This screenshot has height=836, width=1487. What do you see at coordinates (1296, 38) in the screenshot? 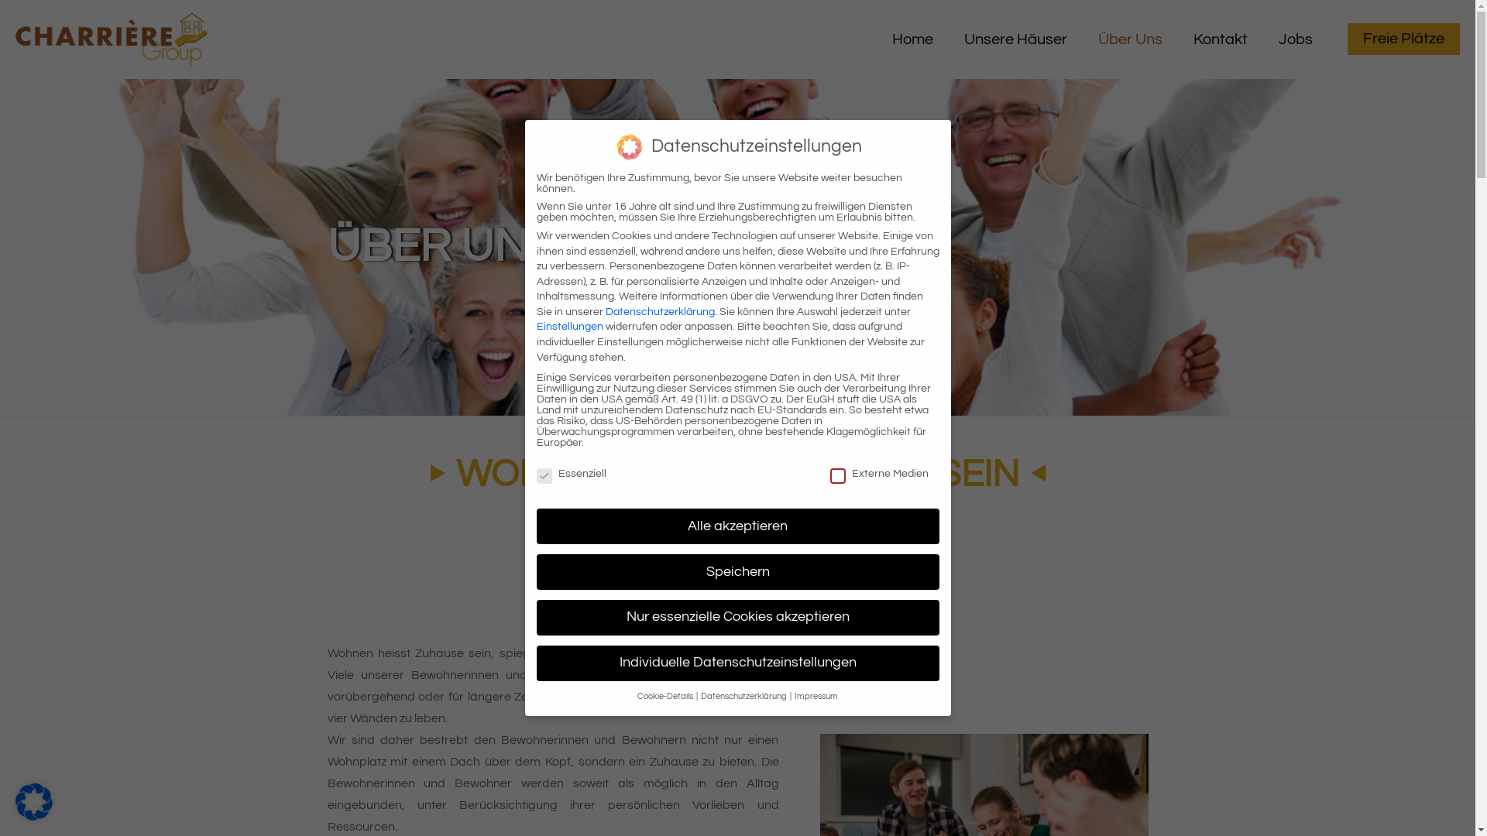
I see `'Jobs'` at bounding box center [1296, 38].